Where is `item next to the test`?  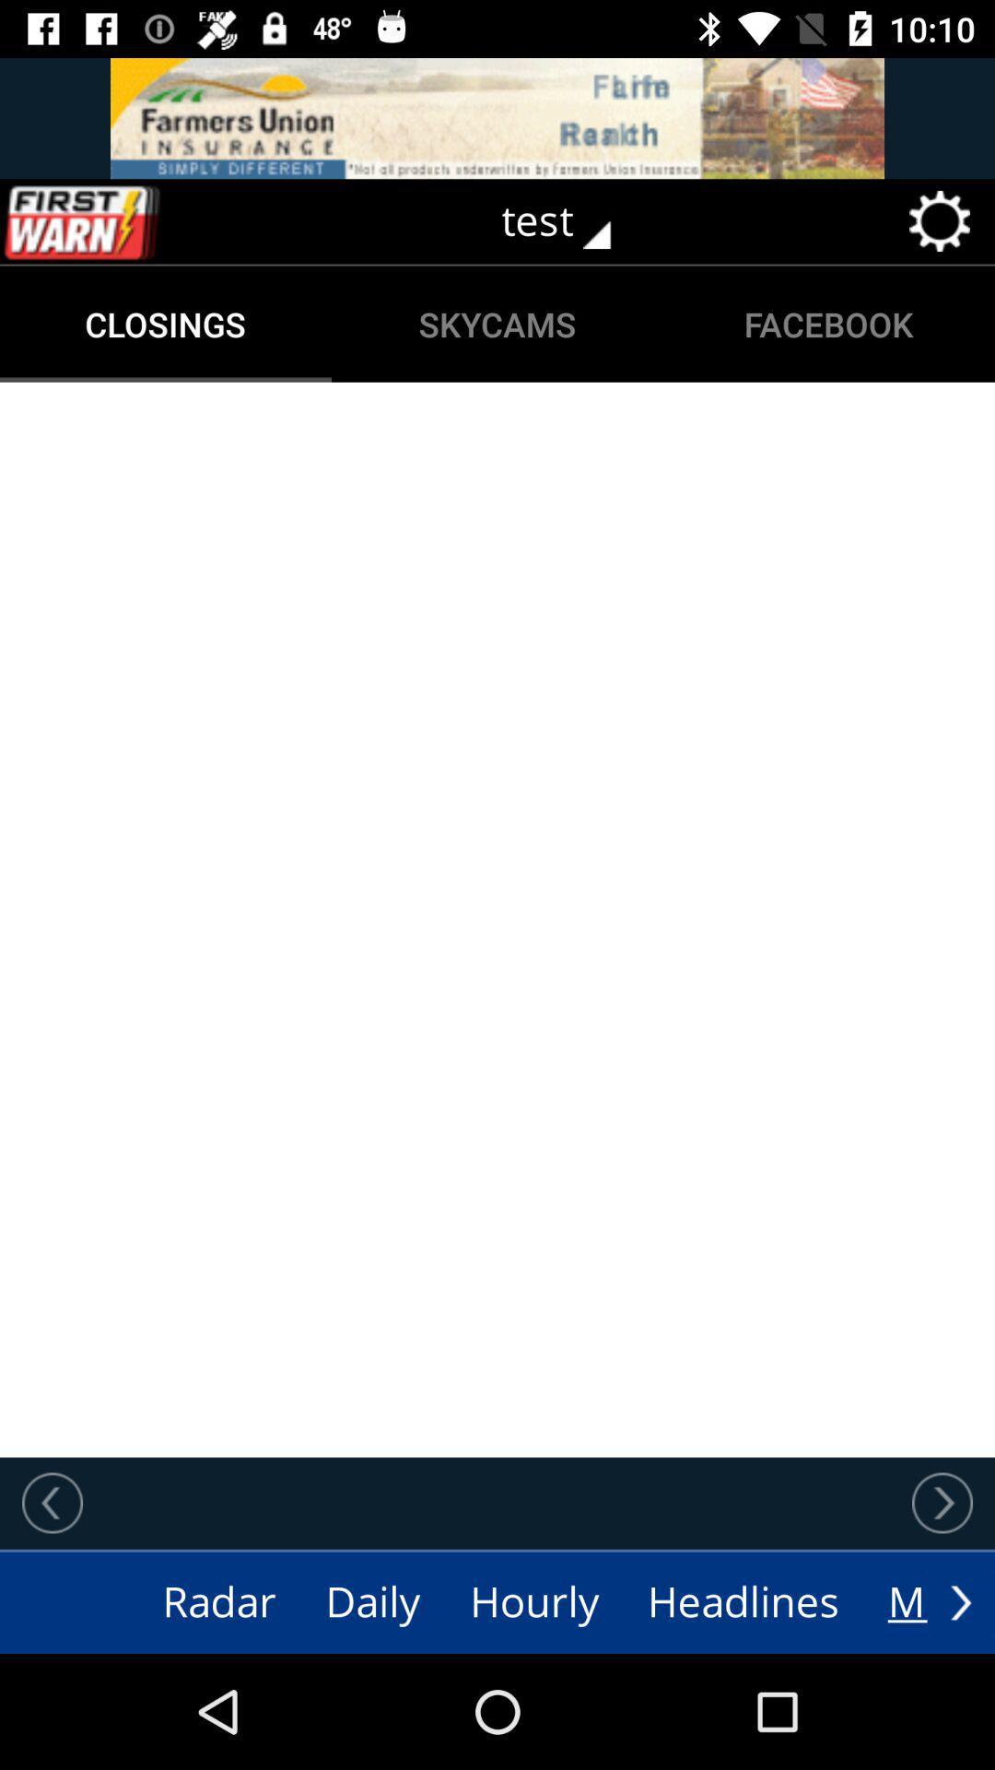 item next to the test is located at coordinates (121, 221).